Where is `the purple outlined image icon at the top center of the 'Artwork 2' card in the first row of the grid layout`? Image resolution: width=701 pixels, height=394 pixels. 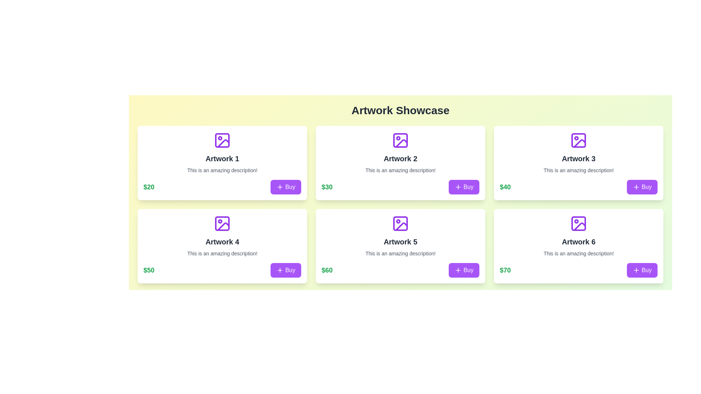 the purple outlined image icon at the top center of the 'Artwork 2' card in the first row of the grid layout is located at coordinates (400, 140).